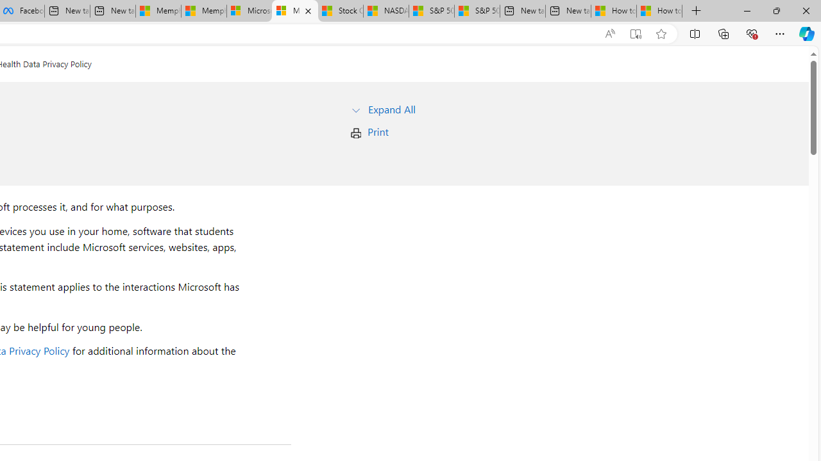 The height and width of the screenshot is (461, 821). Describe the element at coordinates (659, 11) in the screenshot. I see `'How to Use a Monitor With Your Closed Laptop'` at that location.